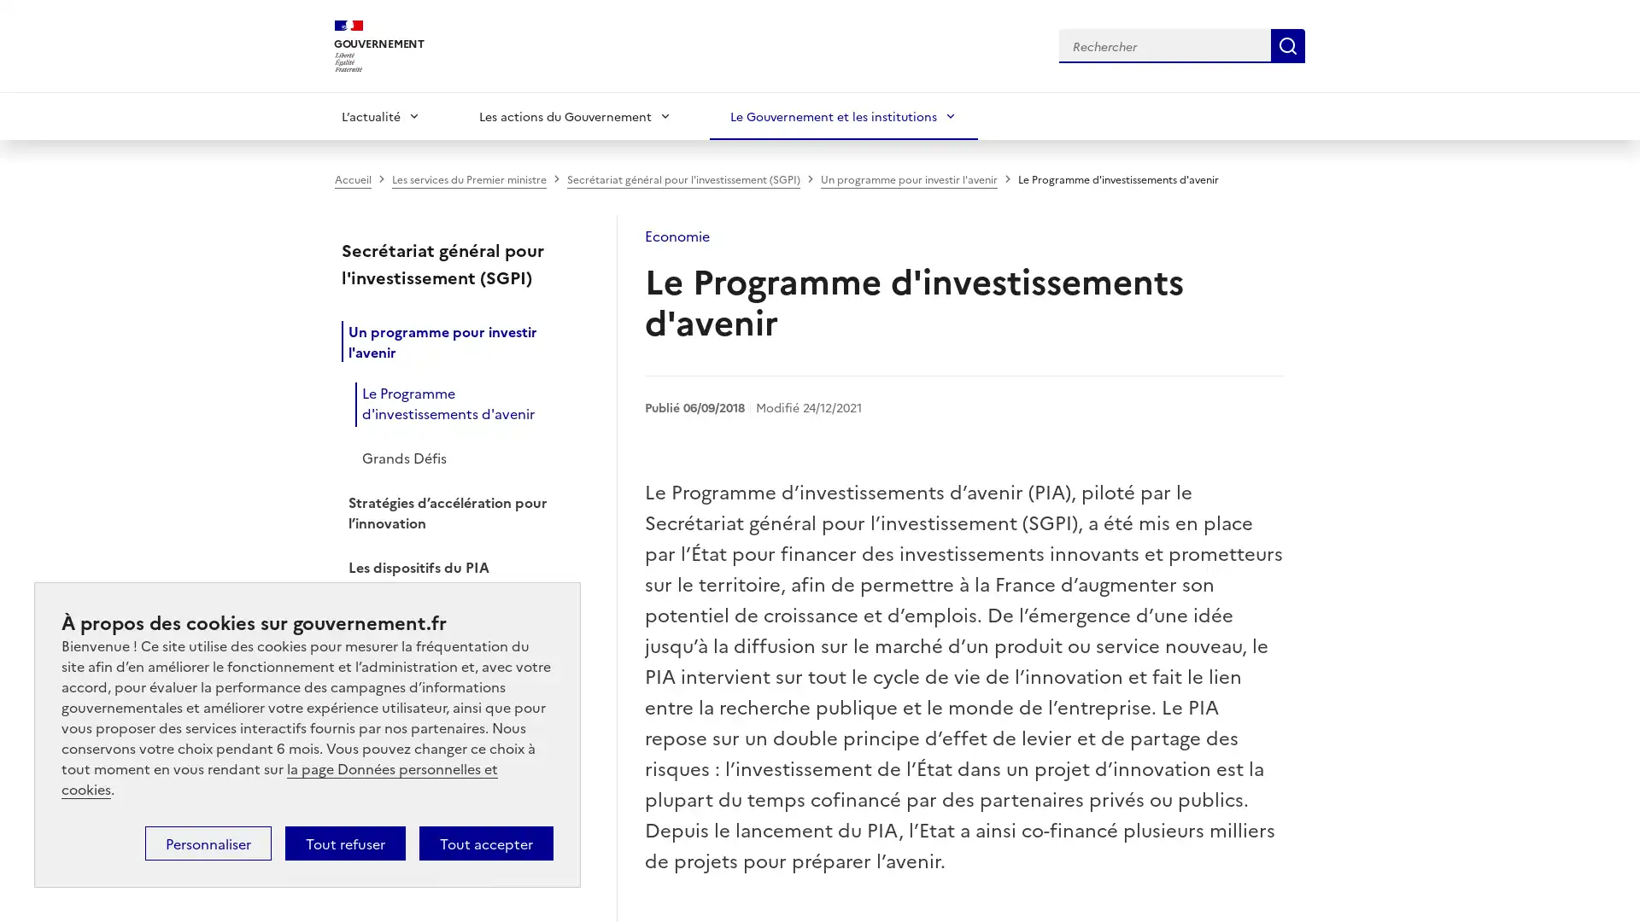 The height and width of the screenshot is (922, 1640). I want to click on Rechercher, so click(1287, 44).